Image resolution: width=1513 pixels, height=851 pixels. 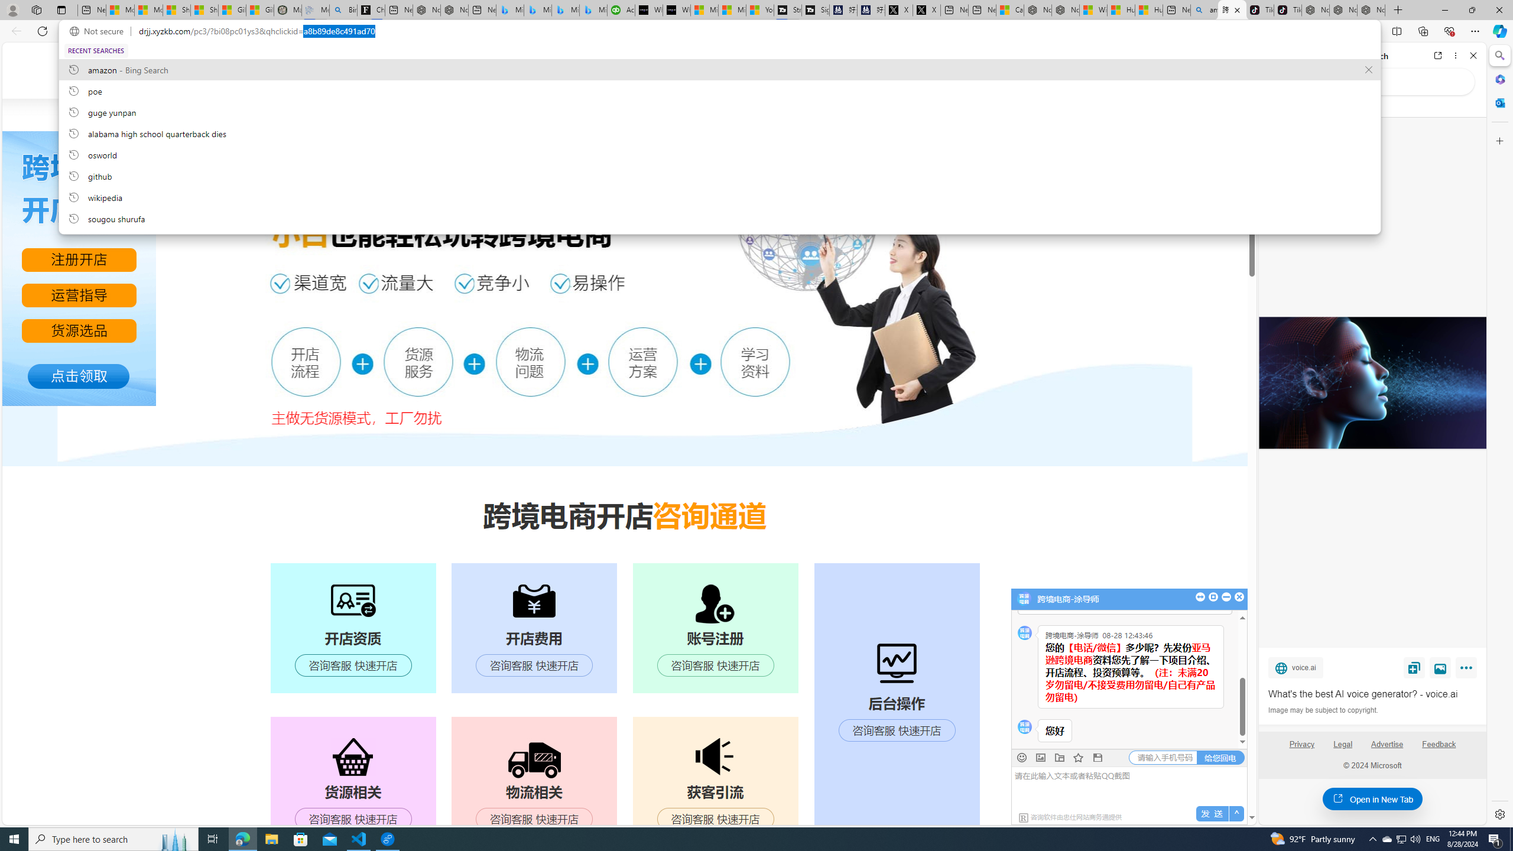 I want to click on 'Legal', so click(x=1342, y=744).